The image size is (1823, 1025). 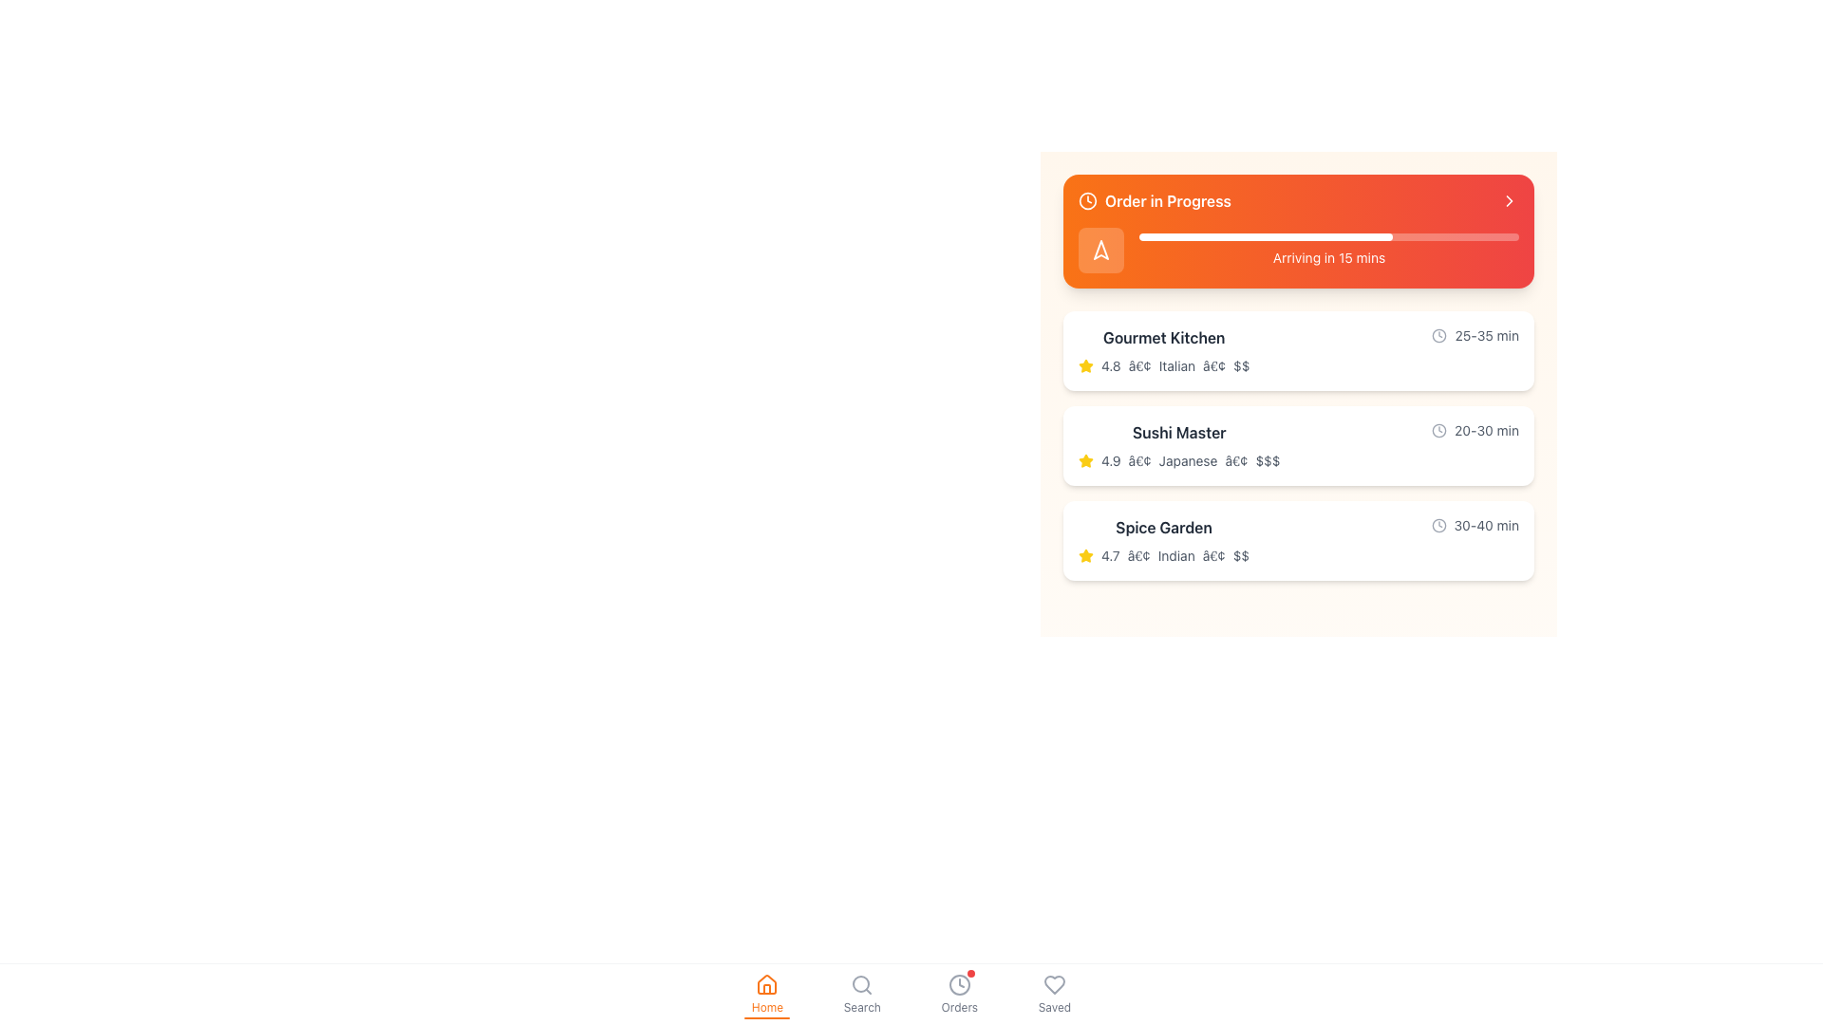 What do you see at coordinates (1163, 365) in the screenshot?
I see `the details conveyed by the informational text aggregate located directly beneath 'Gourmet Kitchen', which includes the restaurant's rating, type of cuisine, and price range` at bounding box center [1163, 365].